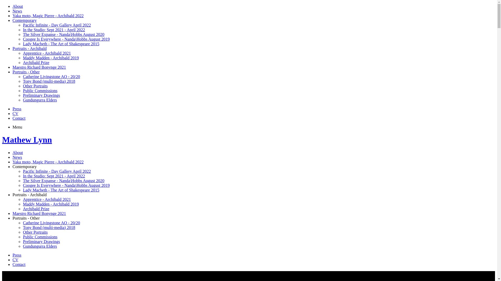 The image size is (501, 281). What do you see at coordinates (39, 67) in the screenshot?
I see `'Maestro Richard Bonynge 2021'` at bounding box center [39, 67].